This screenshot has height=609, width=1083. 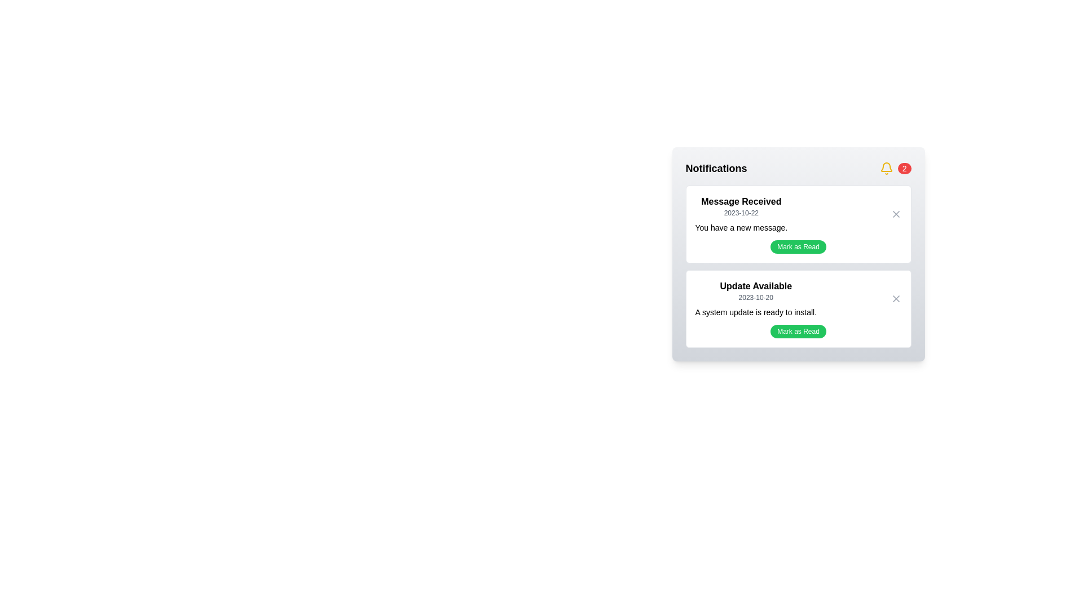 I want to click on the static text label displaying 'You have a new message.' located in the first notification card of the 'Notifications' panel, so click(x=741, y=228).